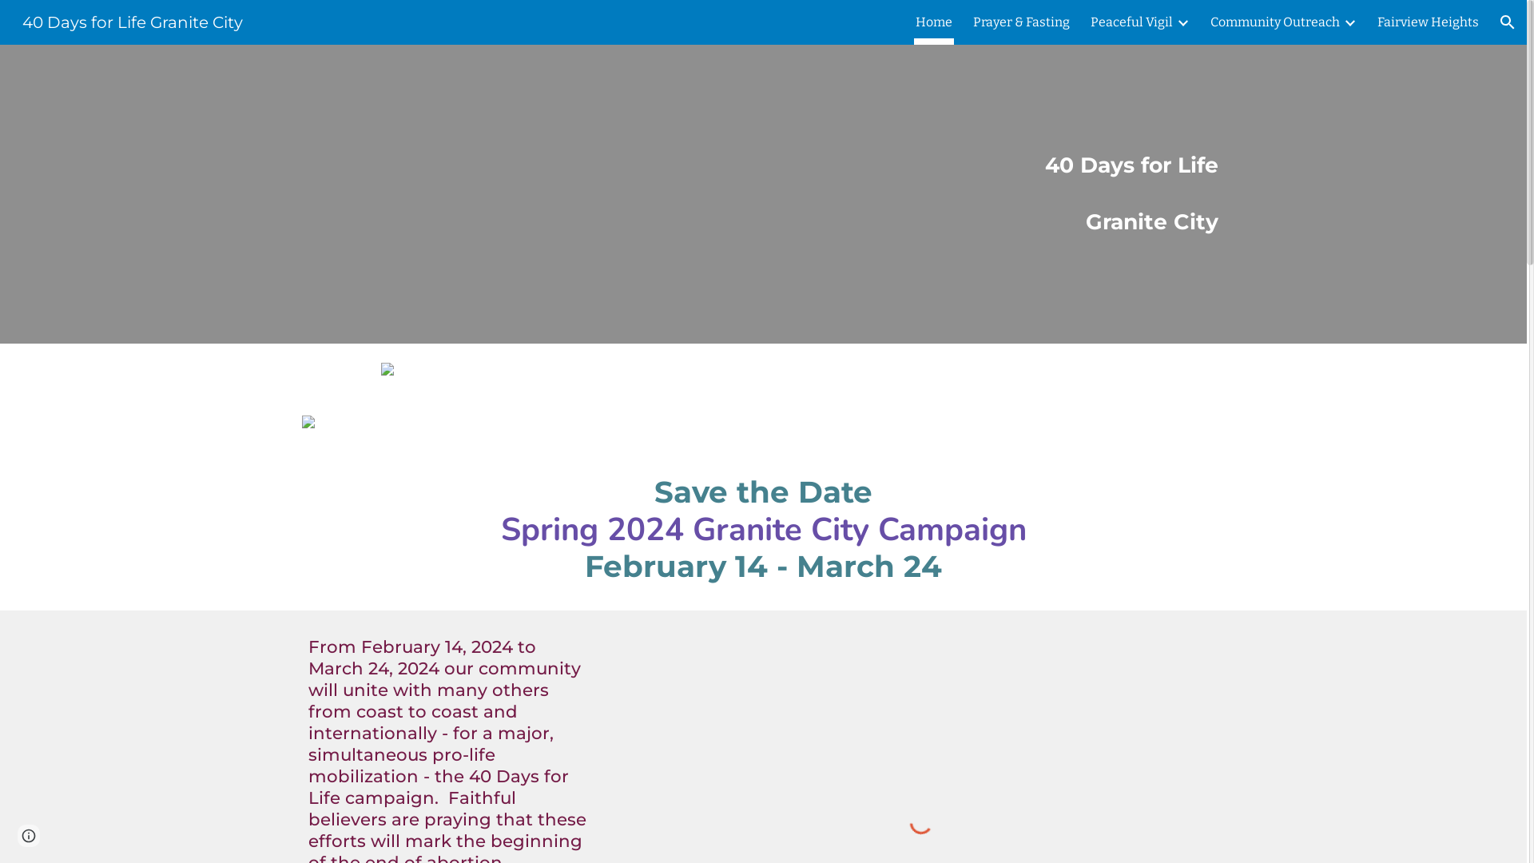  Describe the element at coordinates (1349, 22) in the screenshot. I see `'Expand/Collapse'` at that location.